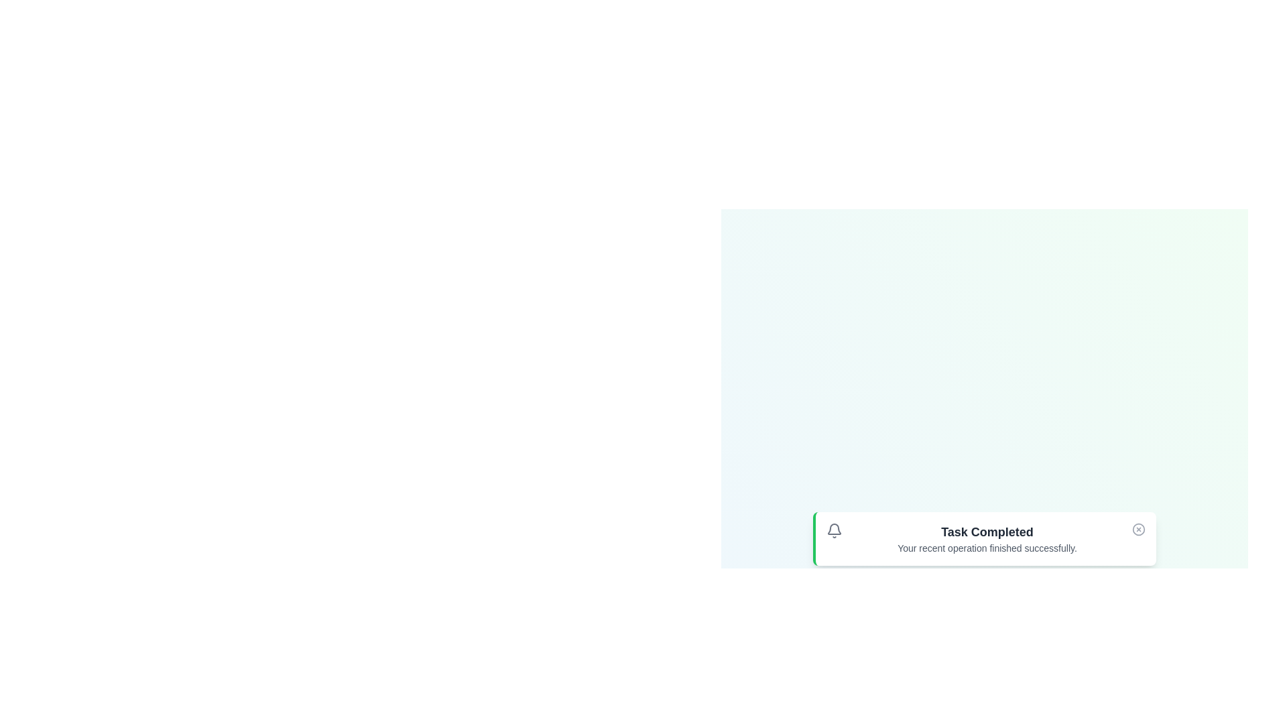 This screenshot has height=724, width=1287. Describe the element at coordinates (833, 530) in the screenshot. I see `the notification bell icon` at that location.